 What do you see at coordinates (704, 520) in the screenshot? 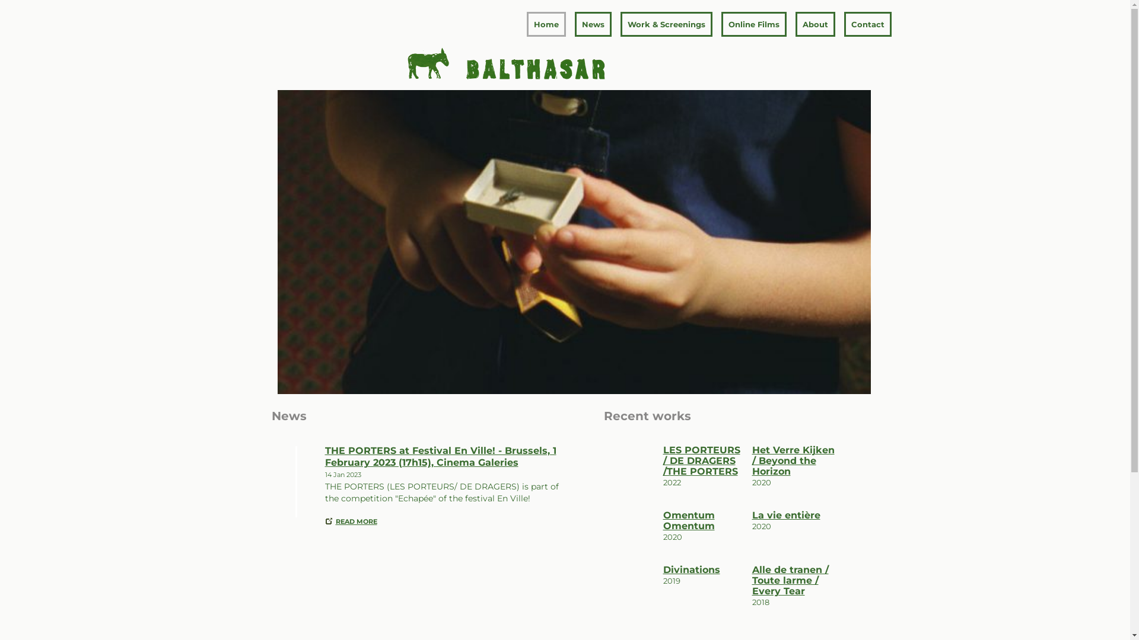
I see `'Omentum Omentum'` at bounding box center [704, 520].